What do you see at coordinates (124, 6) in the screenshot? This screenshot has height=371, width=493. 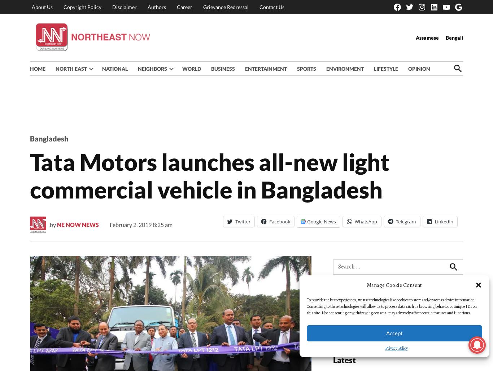 I see `'Disclaimer'` at bounding box center [124, 6].